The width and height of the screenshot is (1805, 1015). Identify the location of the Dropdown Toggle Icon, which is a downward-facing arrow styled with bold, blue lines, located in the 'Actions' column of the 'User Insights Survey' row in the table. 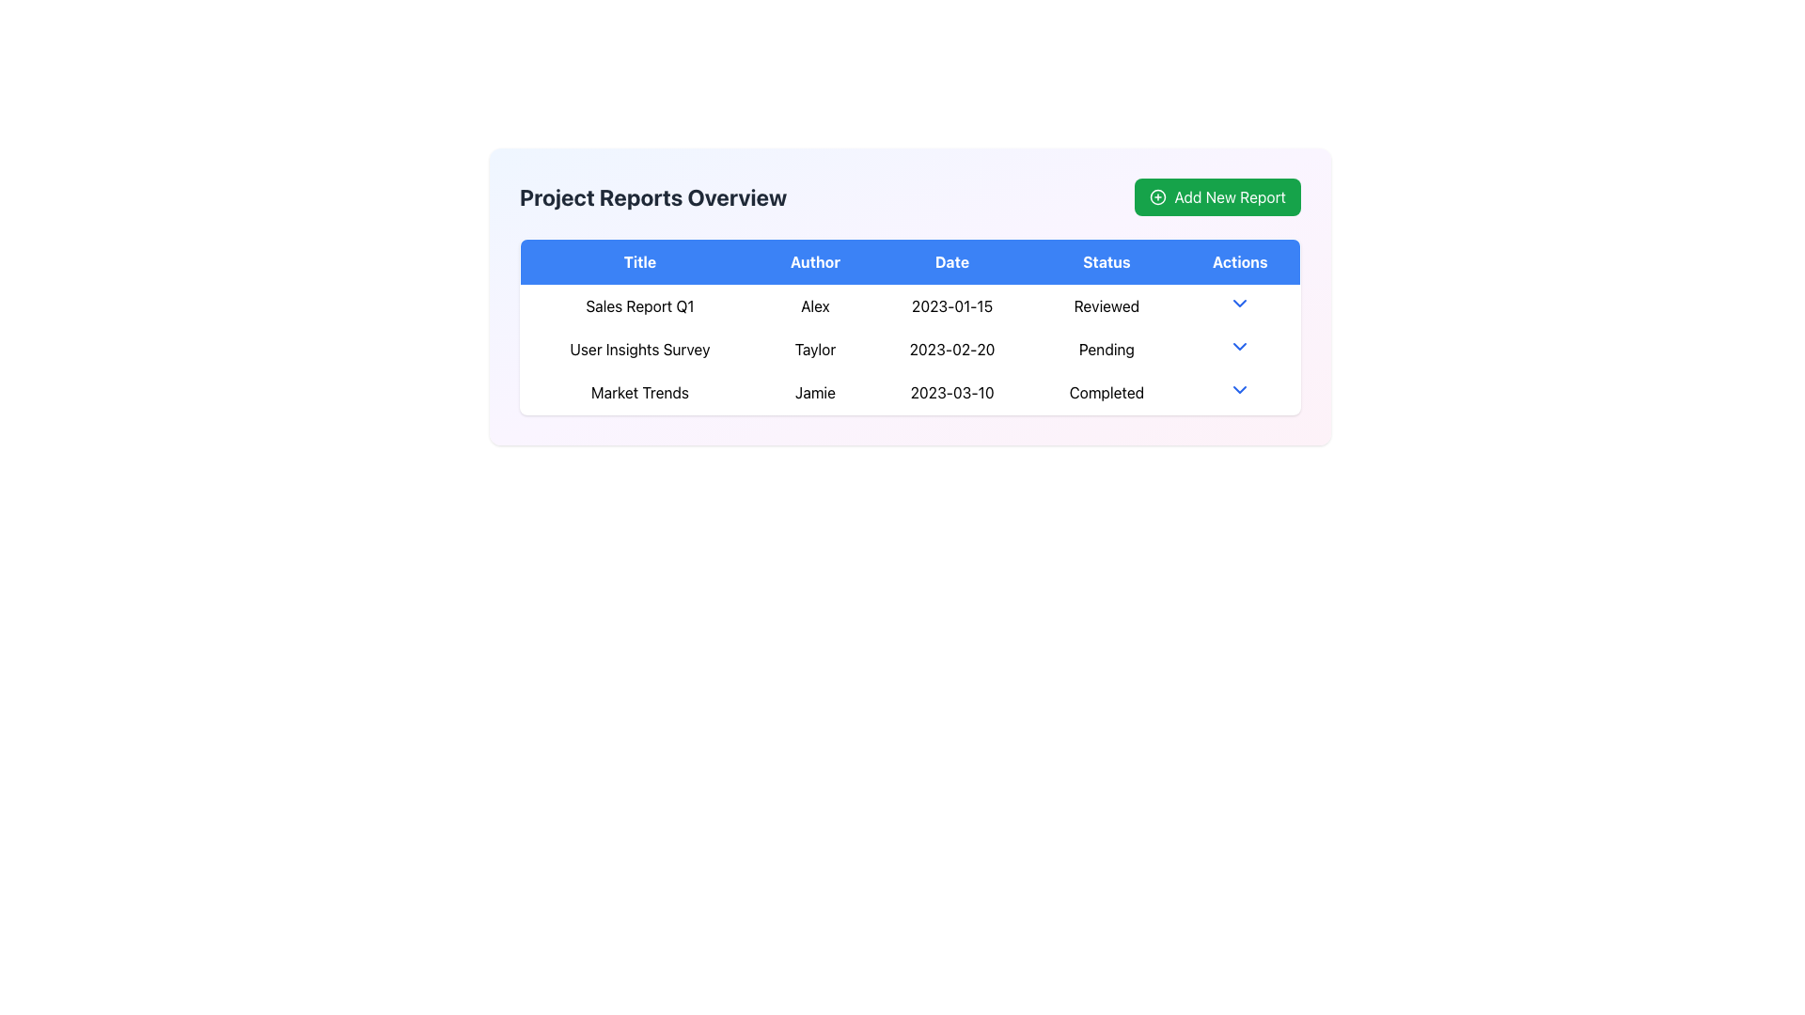
(1240, 347).